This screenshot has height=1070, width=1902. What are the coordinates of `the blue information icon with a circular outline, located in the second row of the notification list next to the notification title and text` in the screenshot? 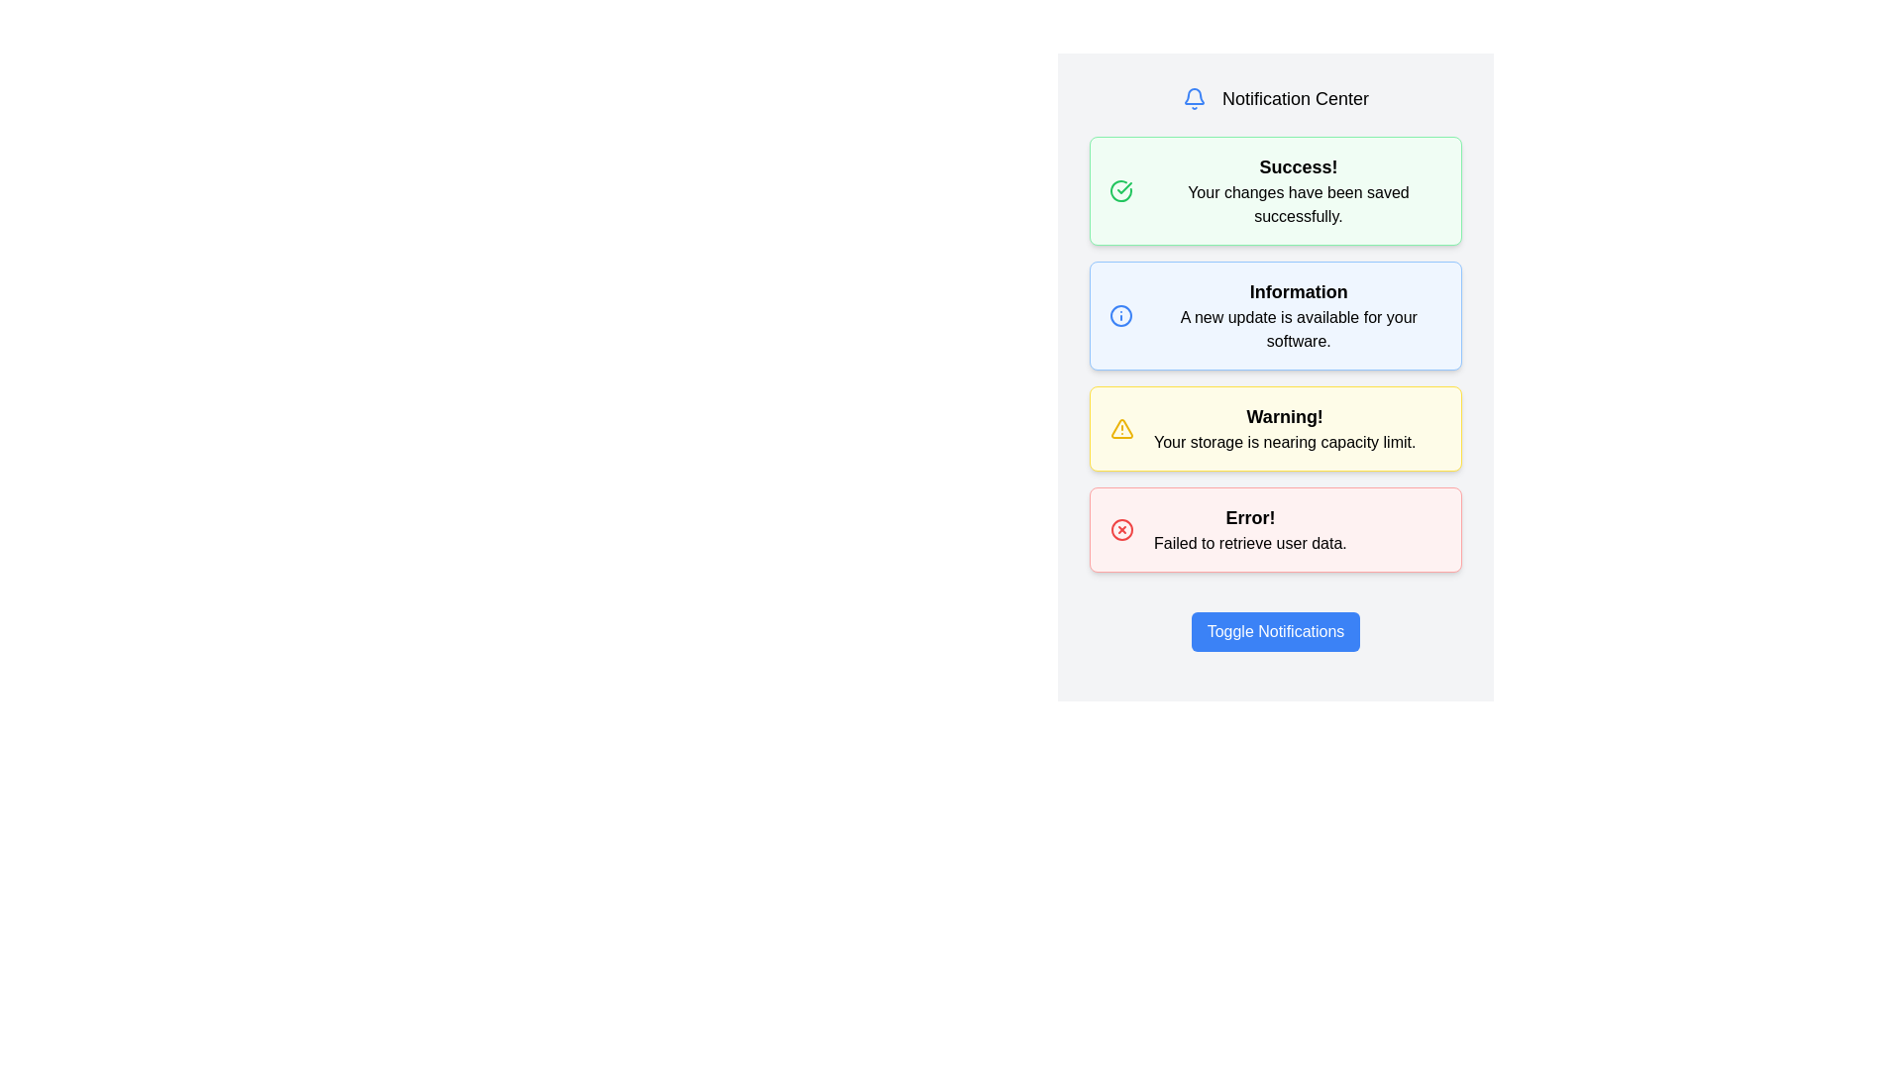 It's located at (1121, 315).